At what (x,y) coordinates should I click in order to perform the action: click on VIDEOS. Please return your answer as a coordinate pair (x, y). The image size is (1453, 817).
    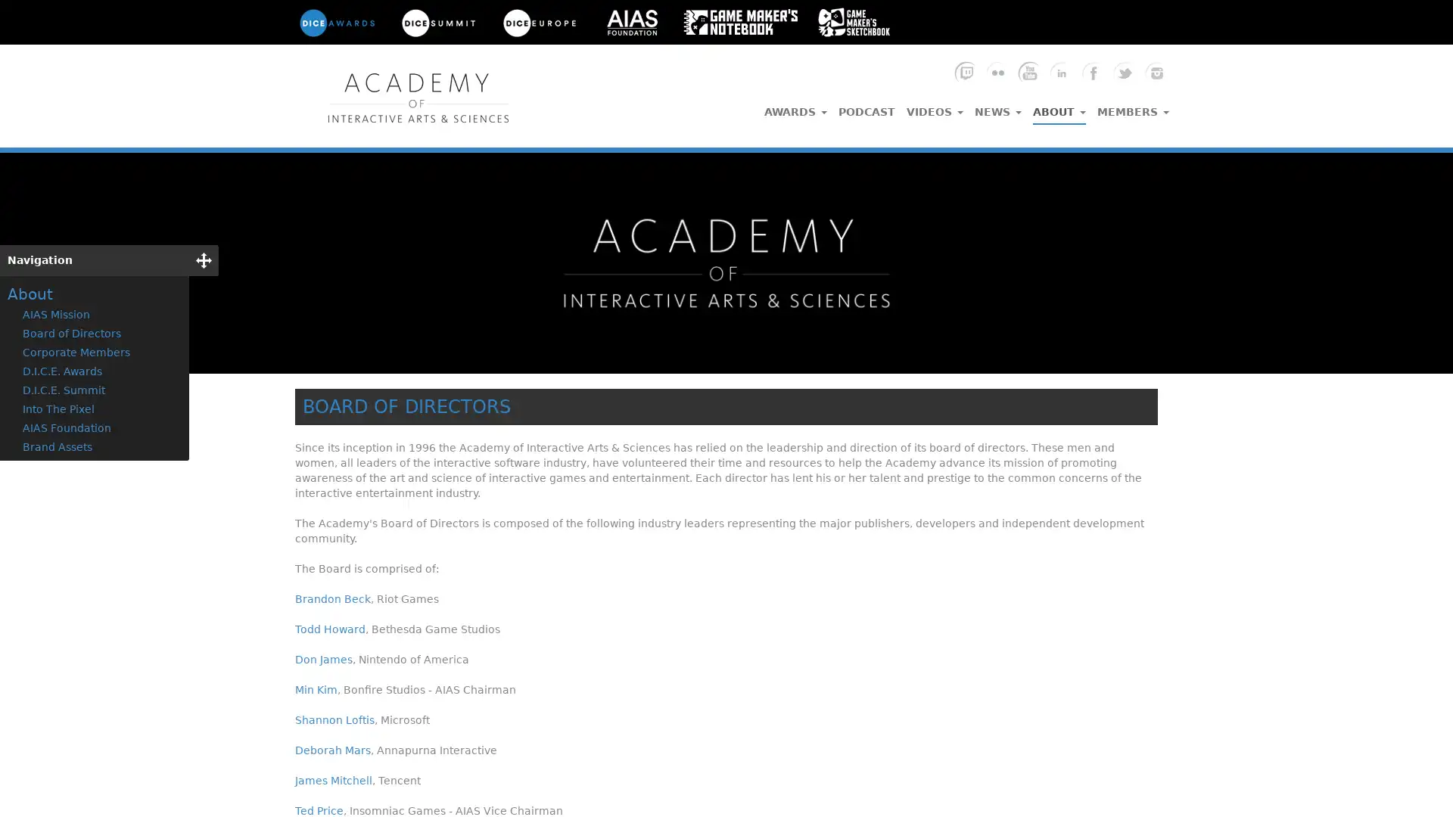
    Looking at the image, I should click on (934, 107).